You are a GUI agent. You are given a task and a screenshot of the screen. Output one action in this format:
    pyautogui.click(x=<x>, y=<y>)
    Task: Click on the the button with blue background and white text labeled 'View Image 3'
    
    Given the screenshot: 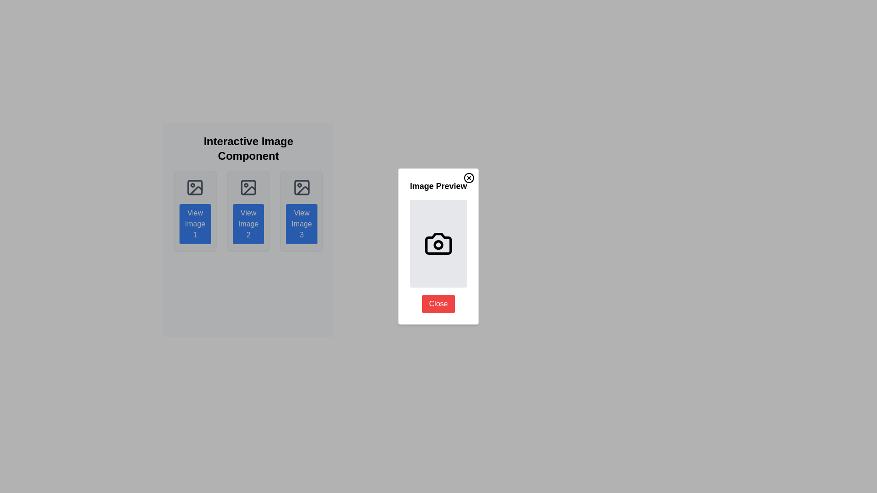 What is the action you would take?
    pyautogui.click(x=301, y=224)
    